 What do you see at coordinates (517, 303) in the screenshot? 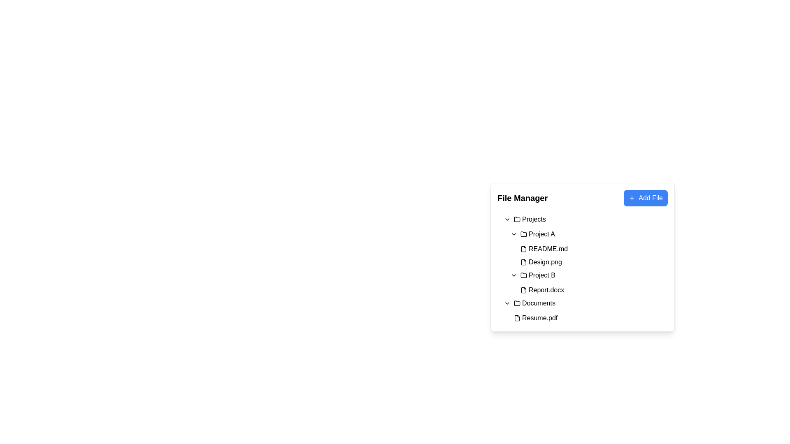
I see `the 'Documents' folder icon` at bounding box center [517, 303].